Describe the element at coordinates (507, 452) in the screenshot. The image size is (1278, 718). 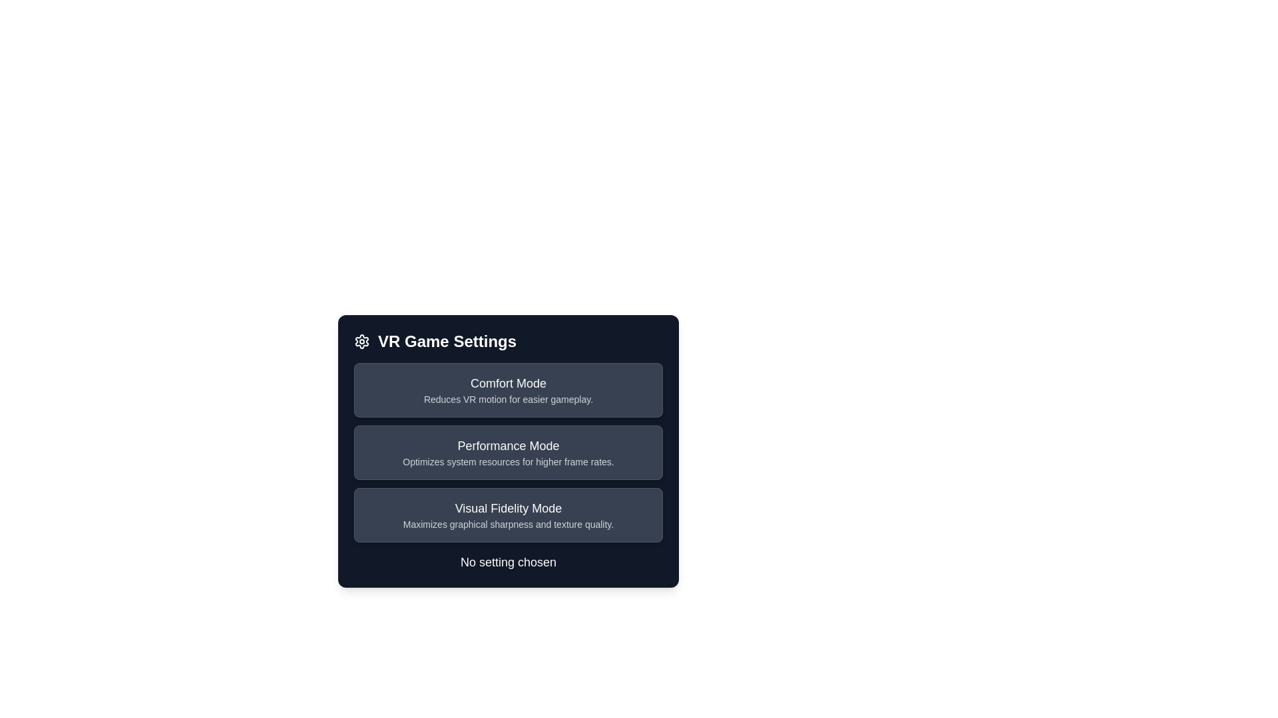
I see `the selectable card for 'Performance Mode' in the VR Game Settings` at that location.